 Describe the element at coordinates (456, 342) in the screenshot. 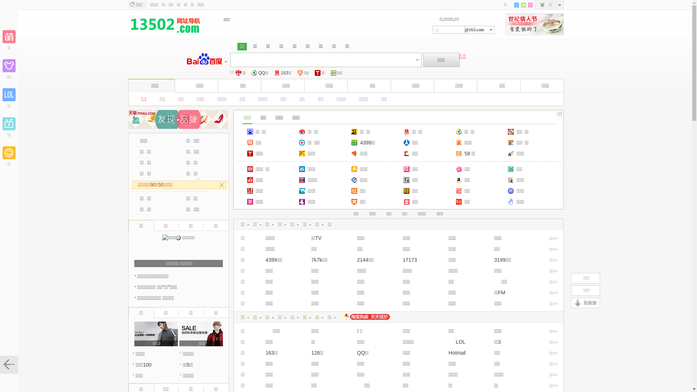

I see `'LOL'` at that location.